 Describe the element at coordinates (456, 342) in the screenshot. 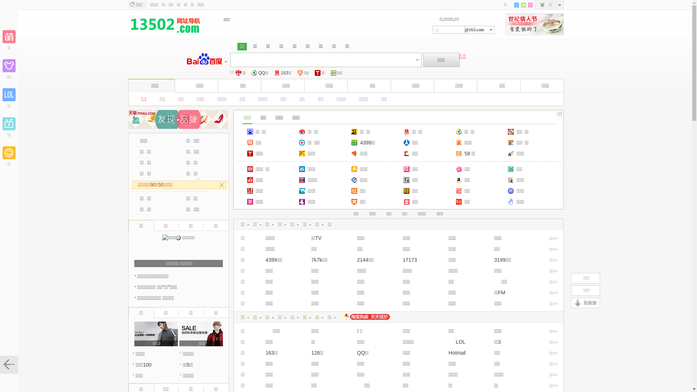

I see `'LOL'` at that location.